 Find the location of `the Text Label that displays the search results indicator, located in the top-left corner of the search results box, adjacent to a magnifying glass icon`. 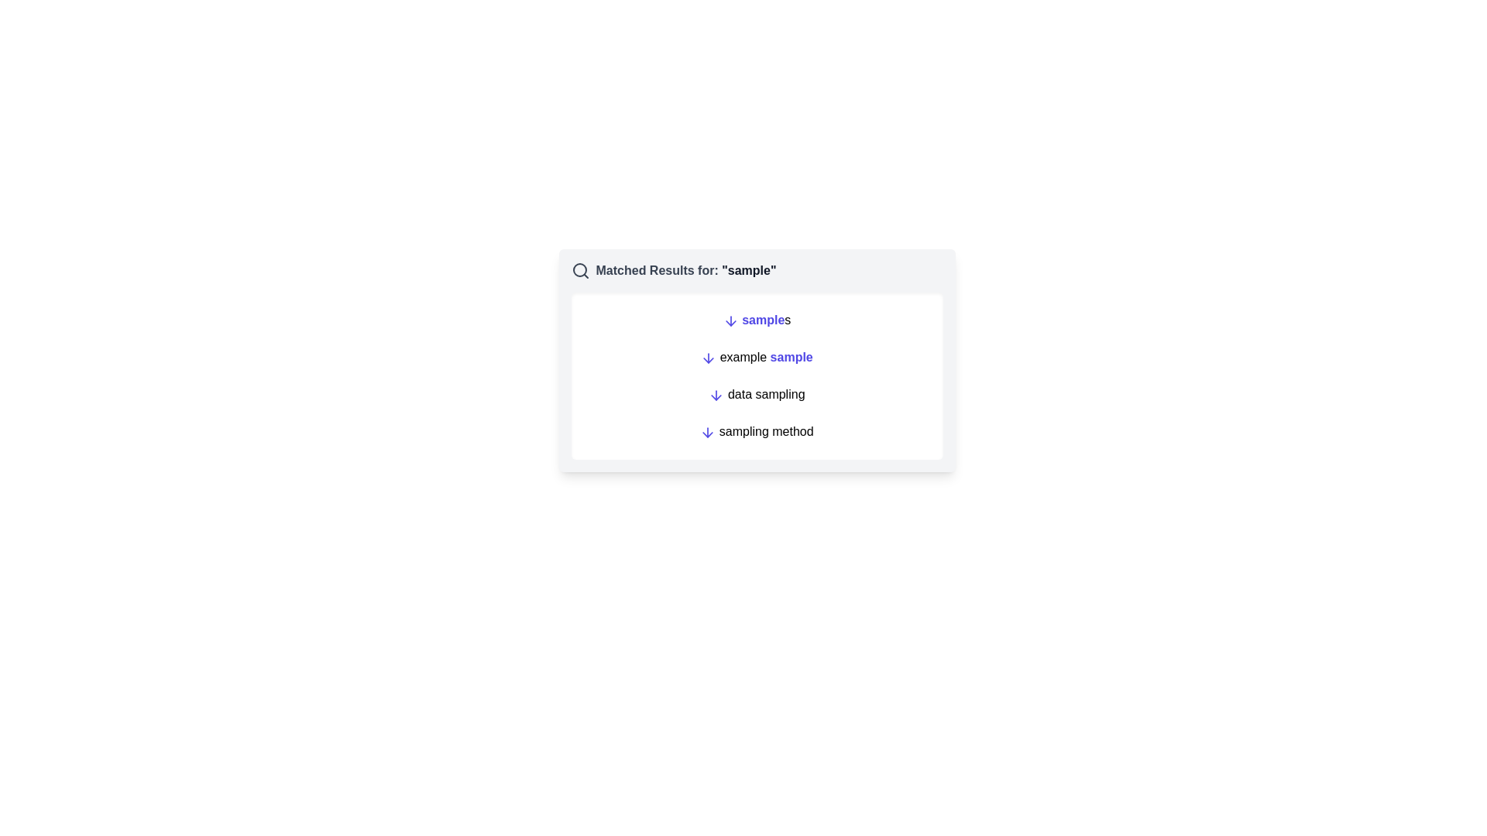

the Text Label that displays the search results indicator, located in the top-left corner of the search results box, adjacent to a magnifying glass icon is located at coordinates (685, 270).